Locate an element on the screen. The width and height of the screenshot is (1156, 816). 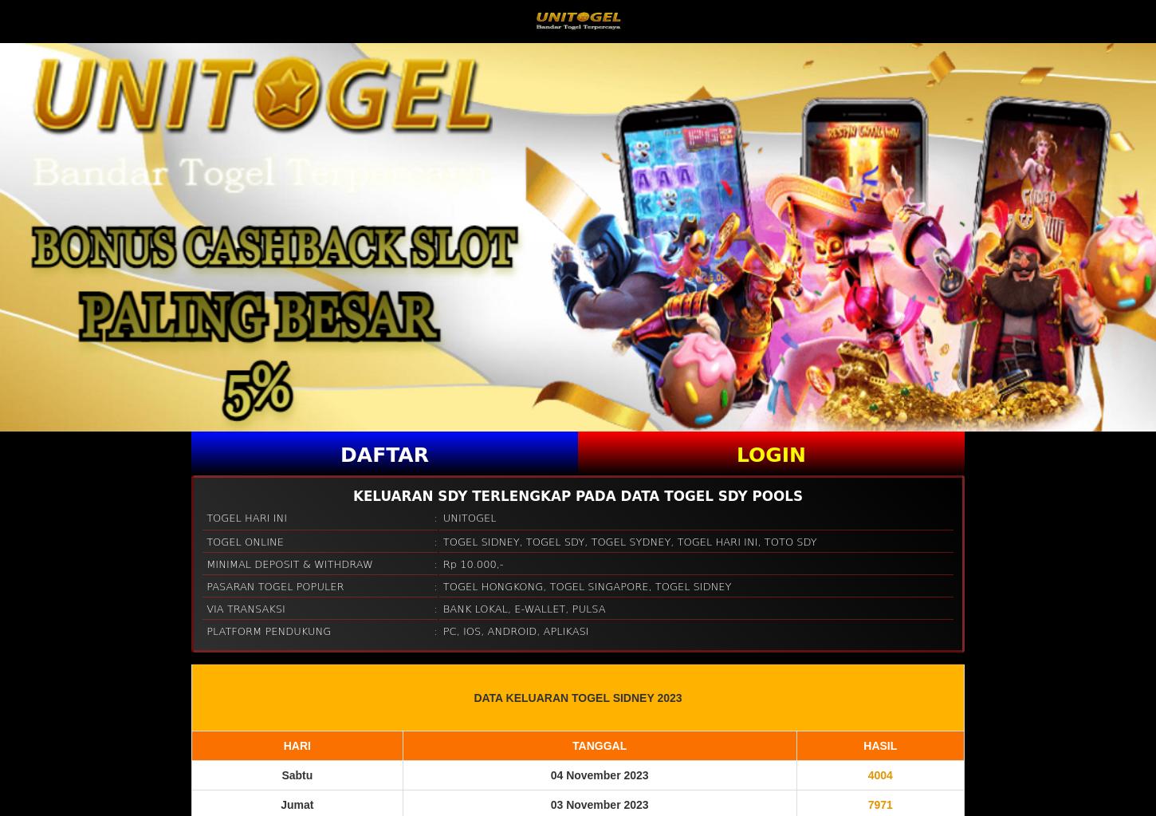
'TOGEL ONLINE' is located at coordinates (206, 540).